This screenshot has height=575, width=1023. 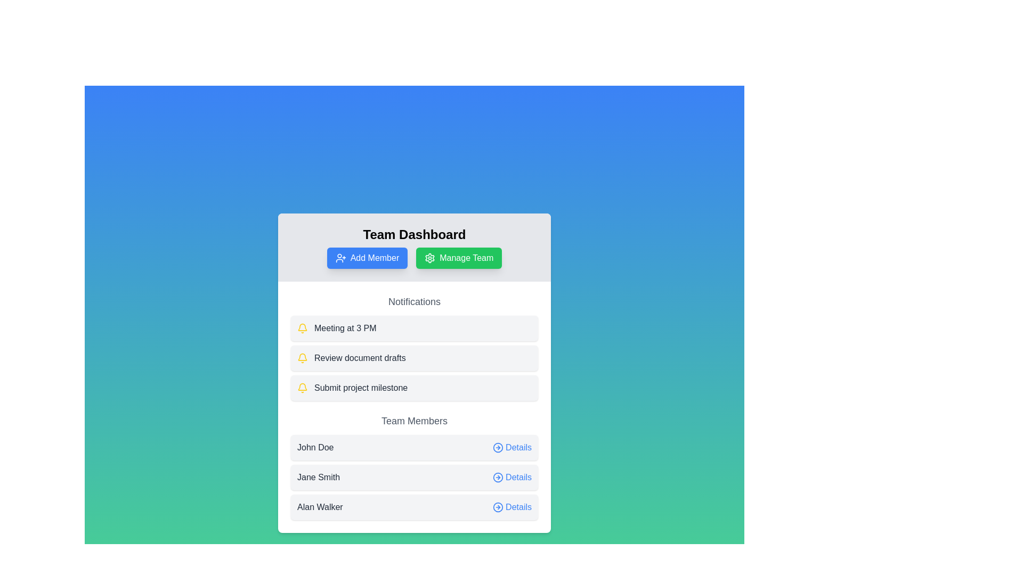 I want to click on the arrow icon associated with the 'Details' button for 'Jane Smith' in the 'Team Members' section, so click(x=498, y=477).